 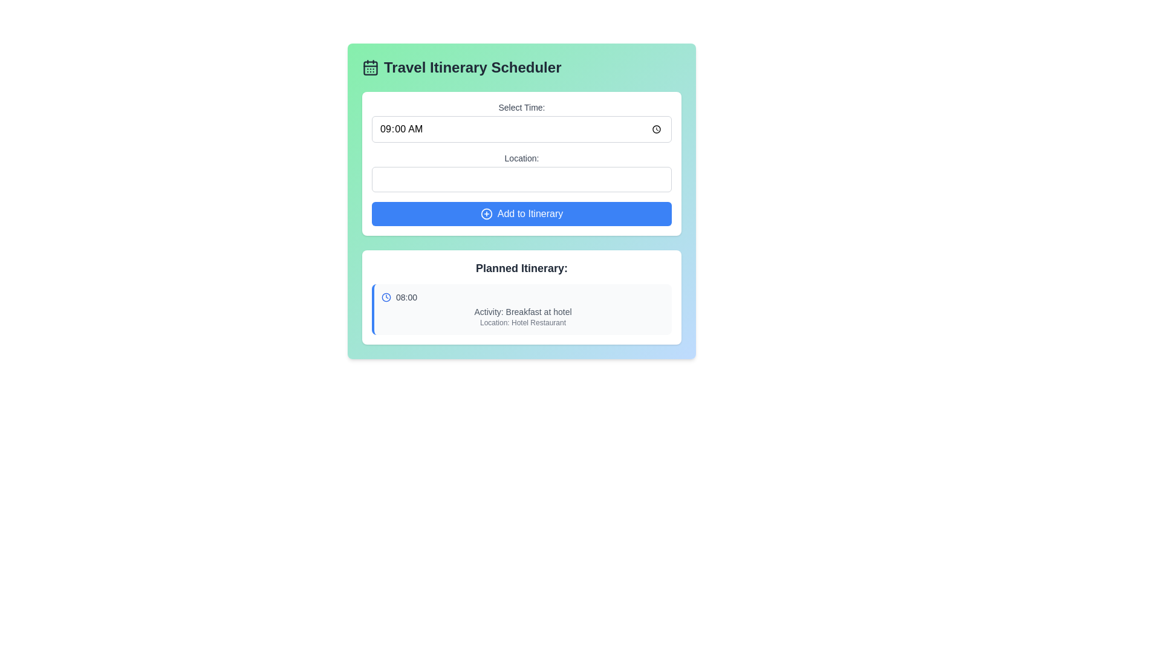 I want to click on the text element that provides a brief description of a specific activity in the planned itinerary, located below the clock icon and time label ('08:00'), and above the location description ('Location: Hotel Restaurant'), so click(x=522, y=311).